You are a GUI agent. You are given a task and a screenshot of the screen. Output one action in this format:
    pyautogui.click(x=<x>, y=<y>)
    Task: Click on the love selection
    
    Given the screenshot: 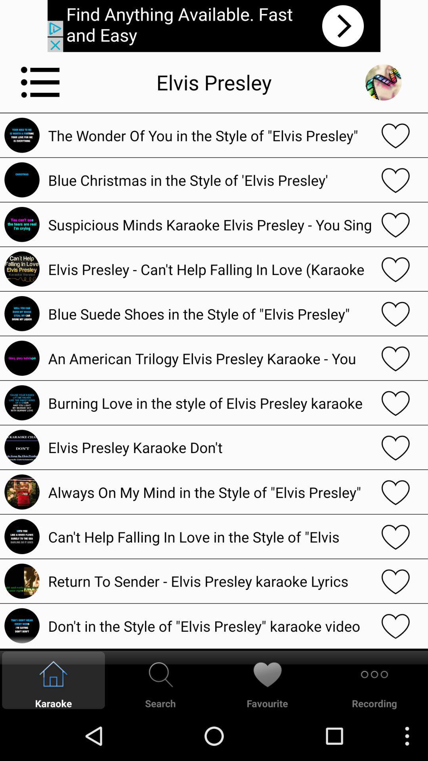 What is the action you would take?
    pyautogui.click(x=396, y=135)
    